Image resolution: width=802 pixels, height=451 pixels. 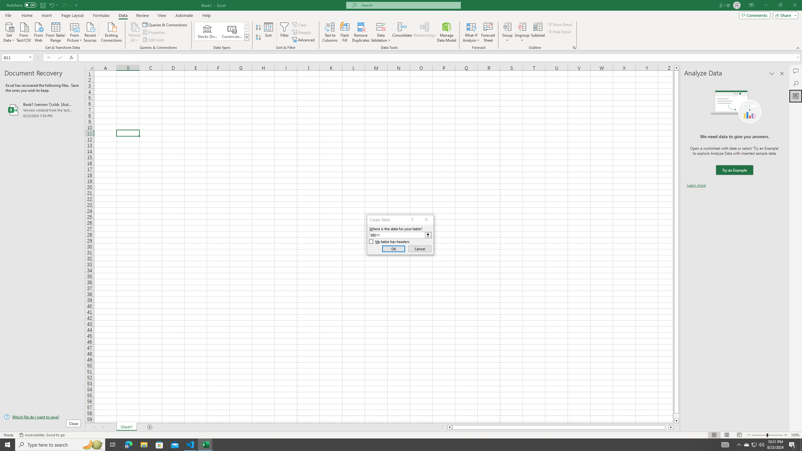 What do you see at coordinates (154, 40) in the screenshot?
I see `'Edit Links'` at bounding box center [154, 40].